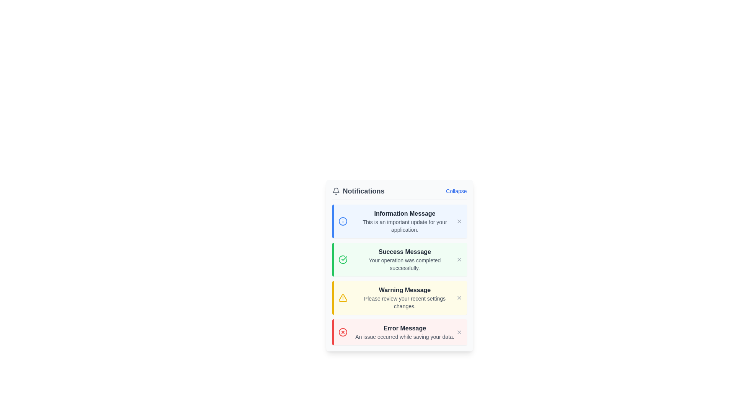  What do you see at coordinates (363, 191) in the screenshot?
I see `the 'Notifications' text label, which is displayed in bold and larger font size, located to the right of a bell icon in the top-left corner of a card-like section` at bounding box center [363, 191].